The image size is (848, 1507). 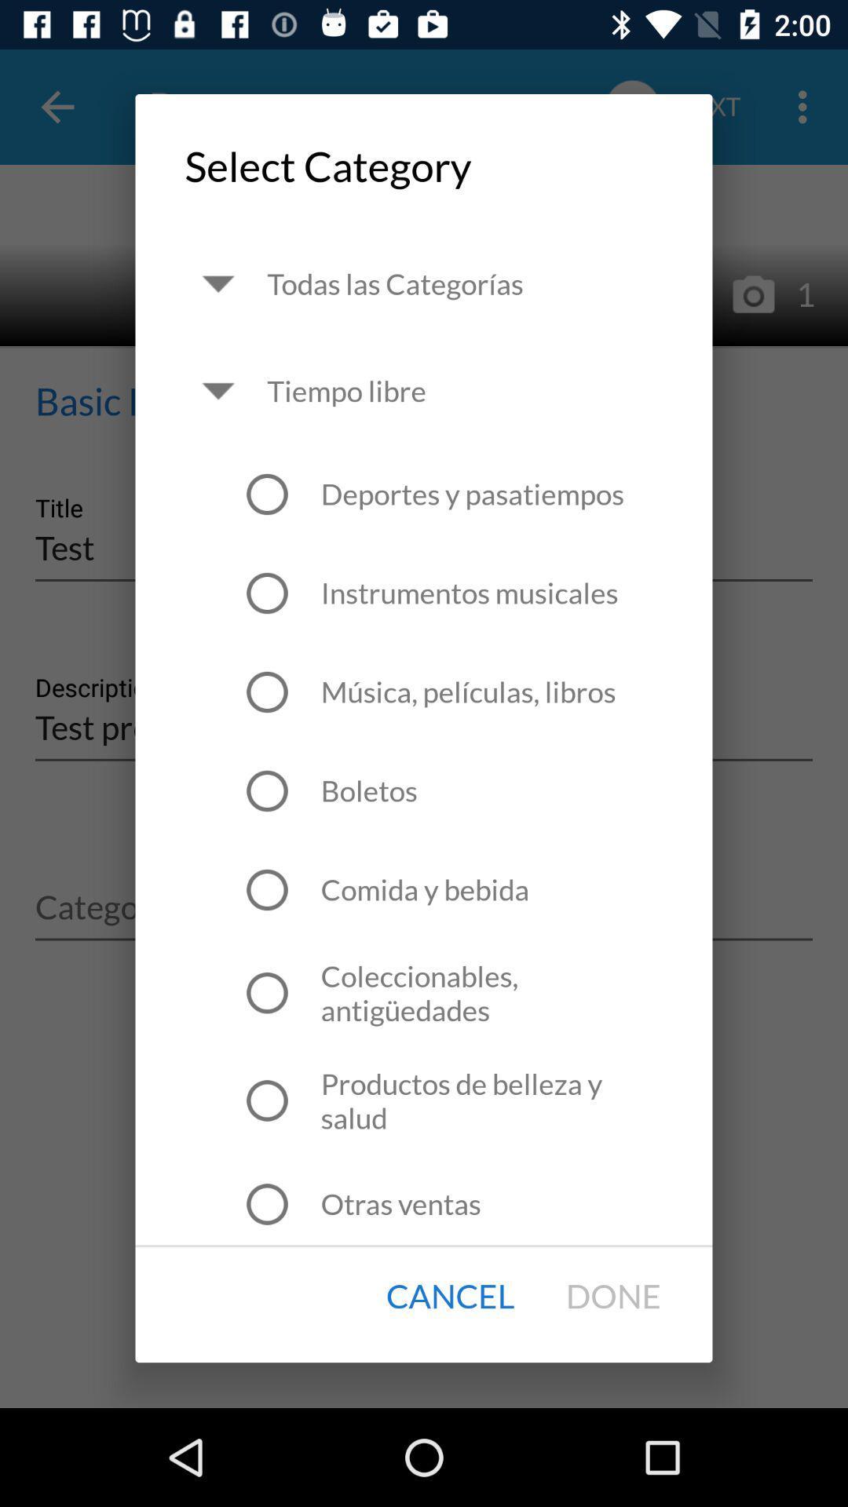 What do you see at coordinates (400, 1203) in the screenshot?
I see `item below productos de belleza item` at bounding box center [400, 1203].